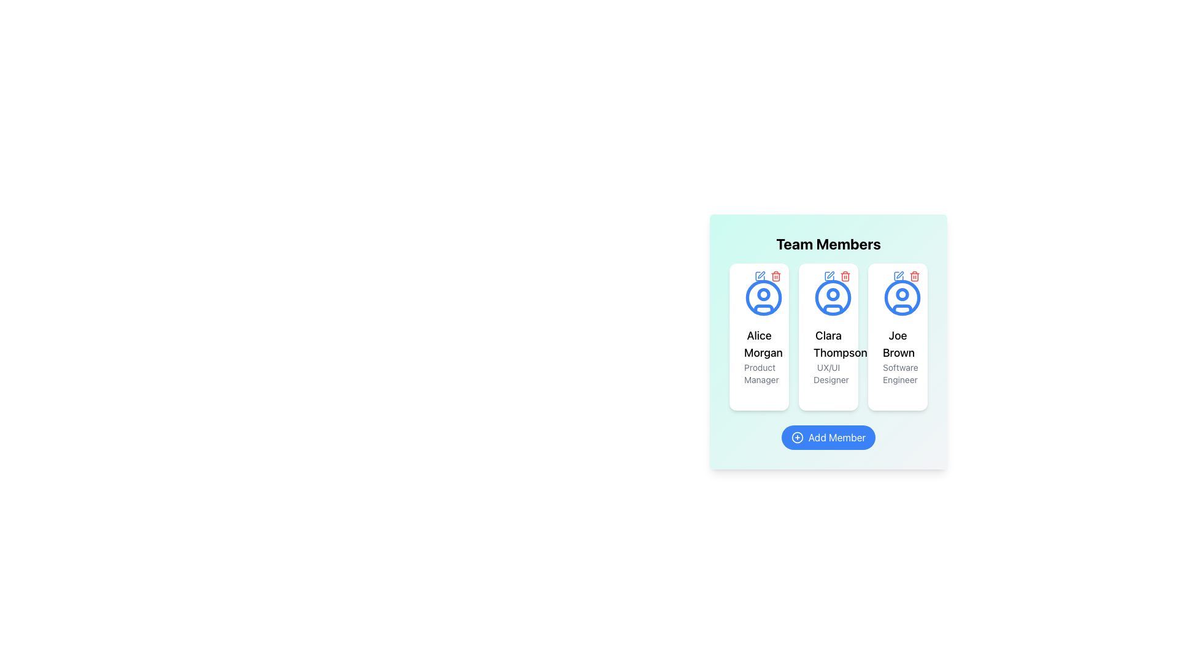 The width and height of the screenshot is (1178, 662). I want to click on the Pen-shaped SVG icon located in the top-right corner of the second user card, so click(830, 273).